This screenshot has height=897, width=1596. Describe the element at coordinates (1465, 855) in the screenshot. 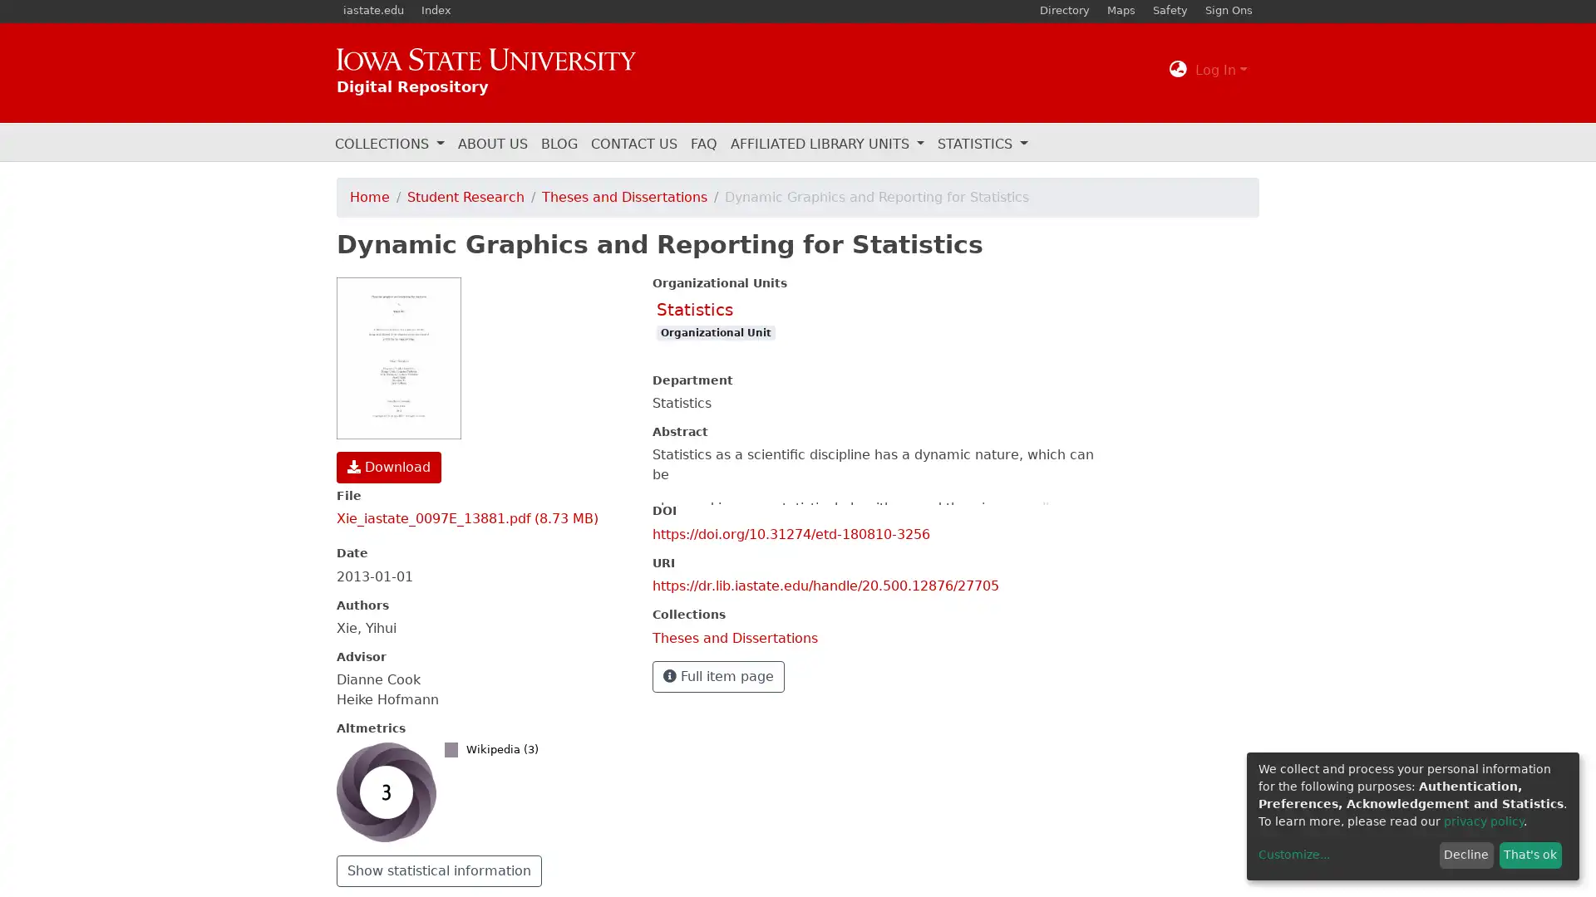

I see `Decline` at that location.